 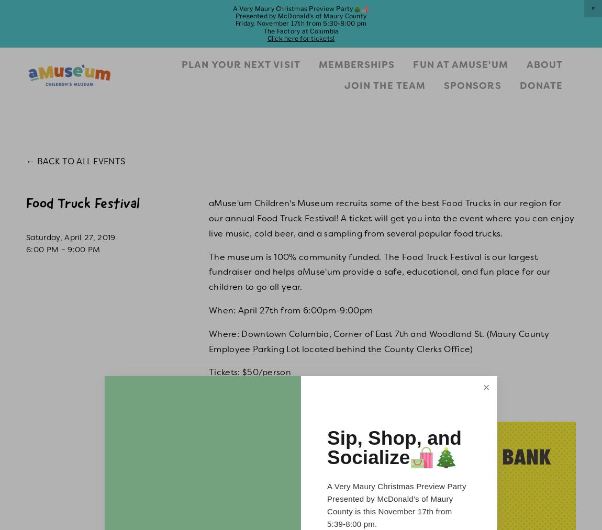 What do you see at coordinates (544, 64) in the screenshot?
I see `'About'` at bounding box center [544, 64].